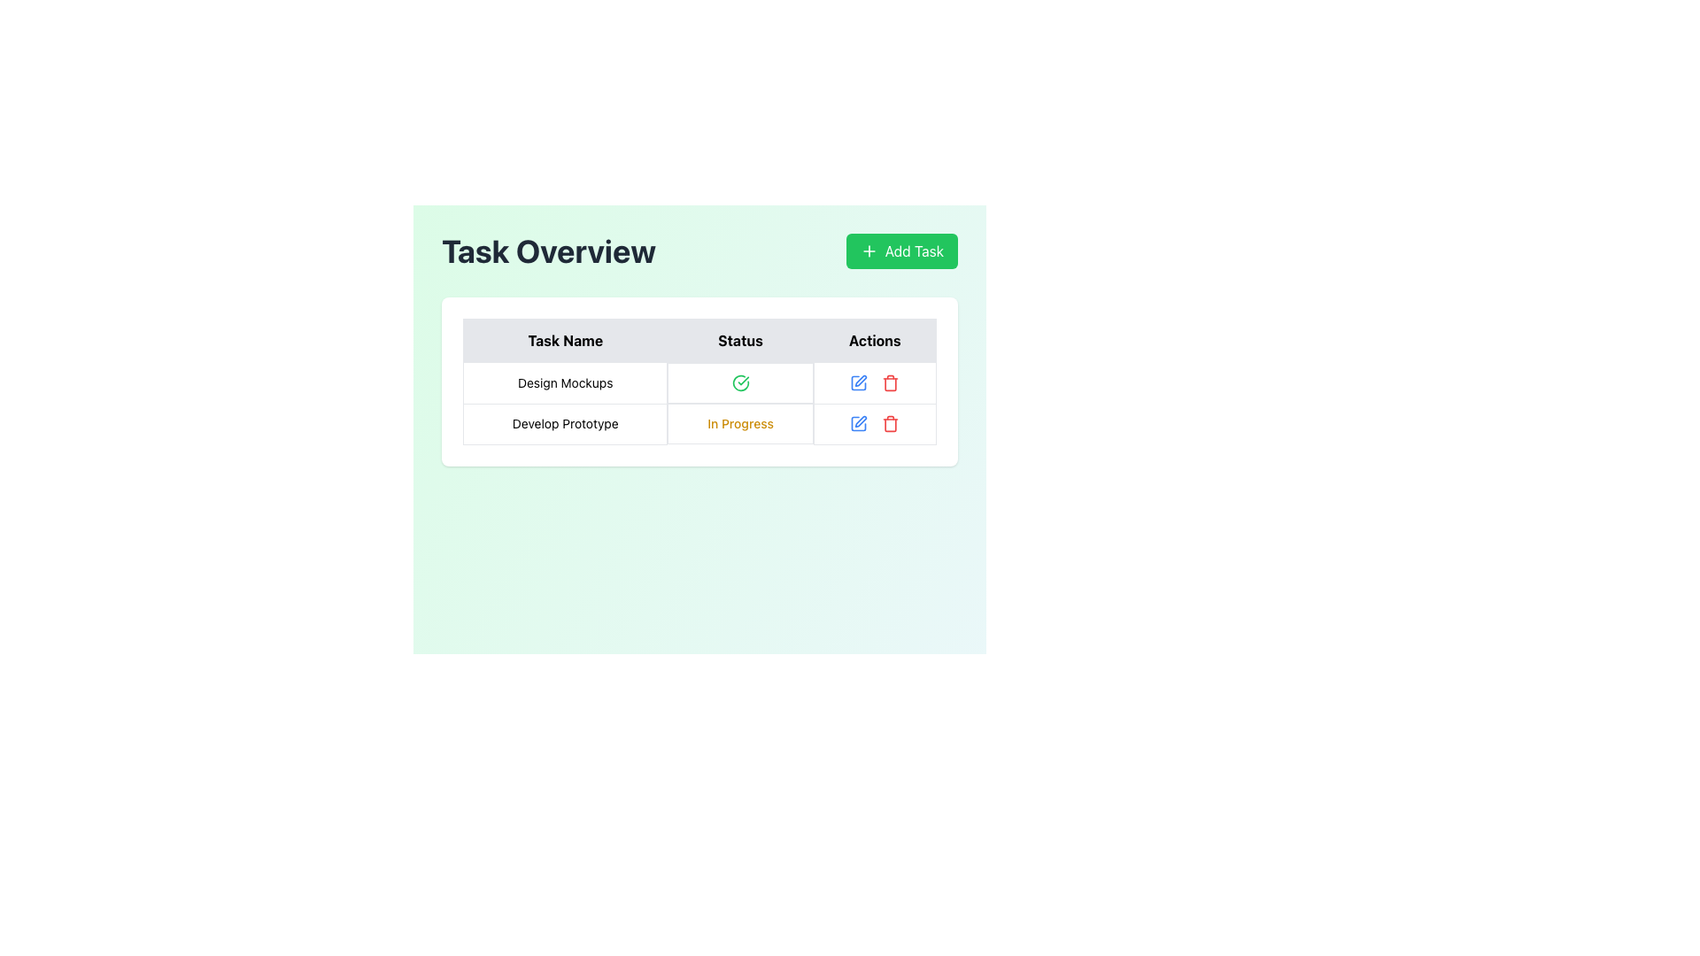  I want to click on the circular icon with a green check mark in the 'Status' column of the 'Task Overview' table, specifically aligned with the 'Design Mockups' row, so click(740, 382).